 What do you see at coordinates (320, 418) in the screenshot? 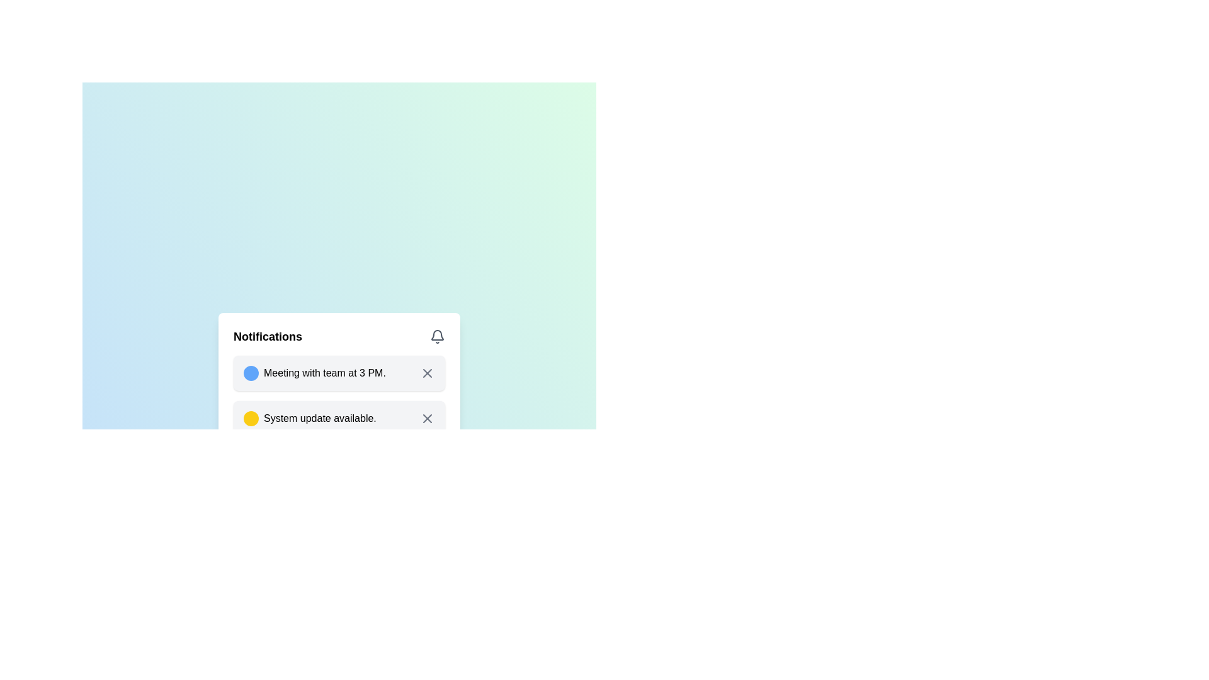
I see `the notification group containing the text 'System update available.' by interacting with the second notification item in the vertical list` at bounding box center [320, 418].